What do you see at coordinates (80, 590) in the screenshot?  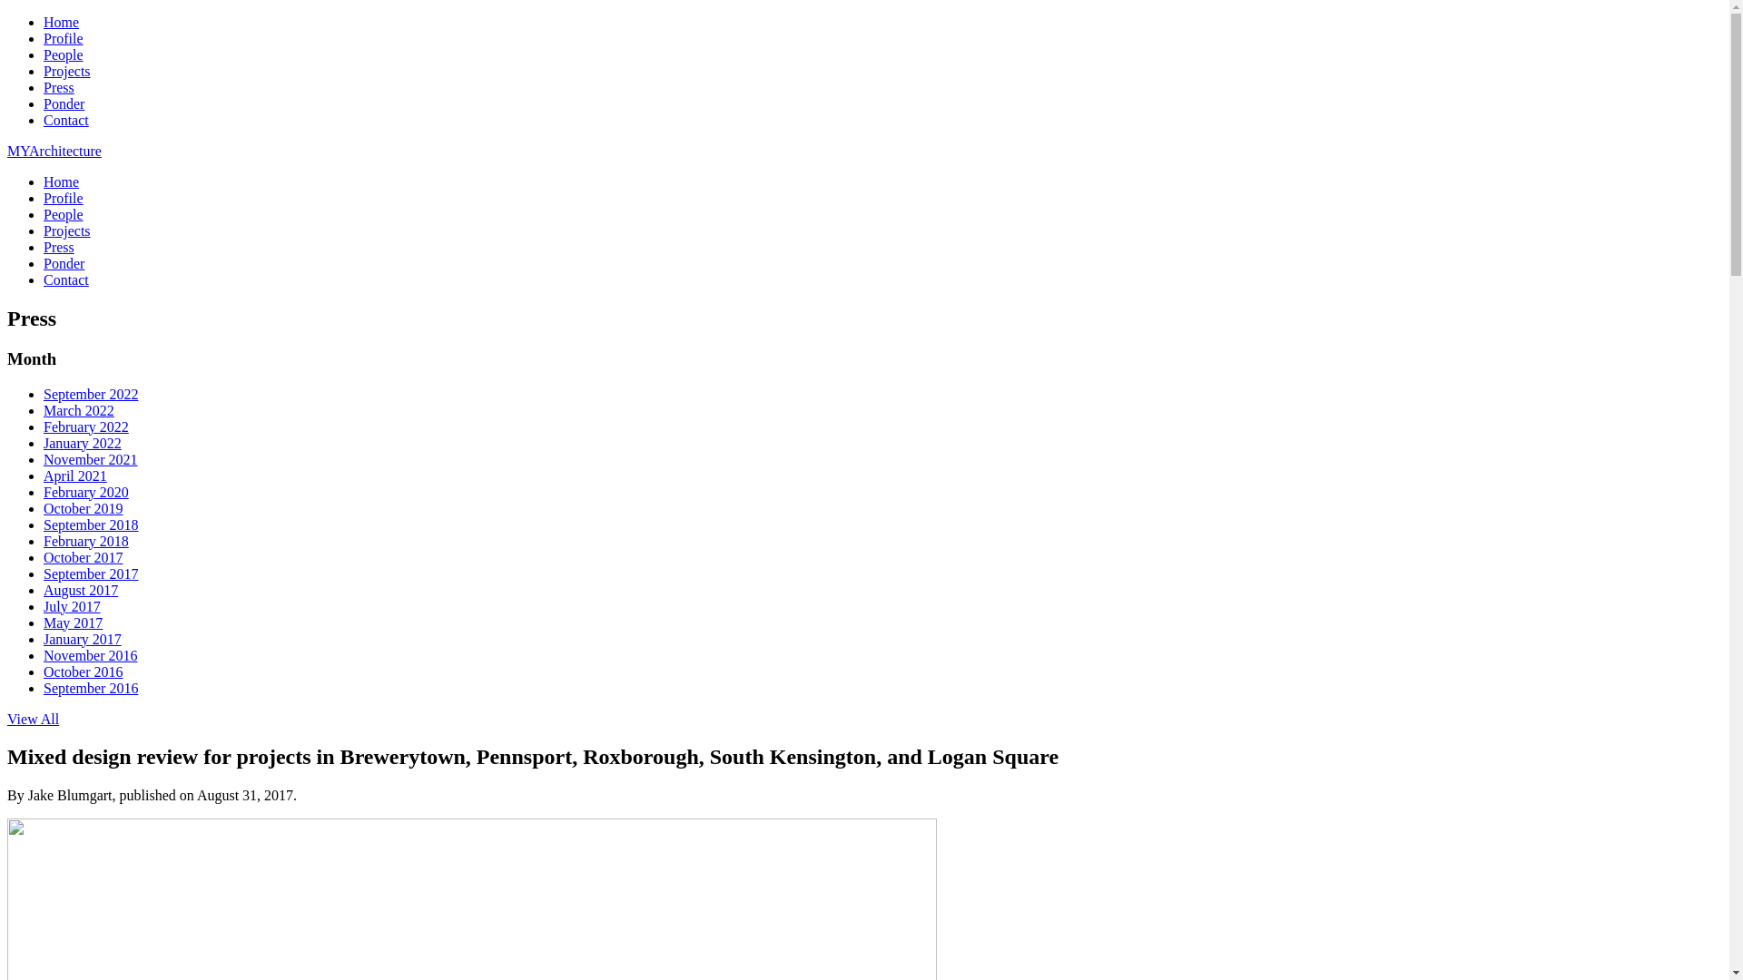 I see `'August 2017'` at bounding box center [80, 590].